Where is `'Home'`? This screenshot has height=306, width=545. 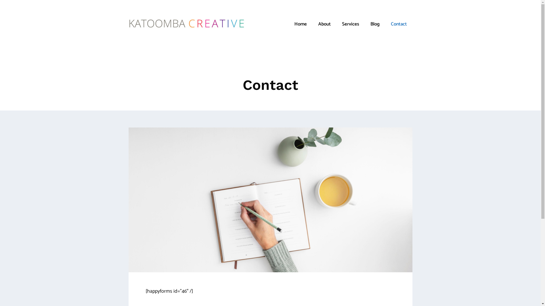 'Home' is located at coordinates (300, 24).